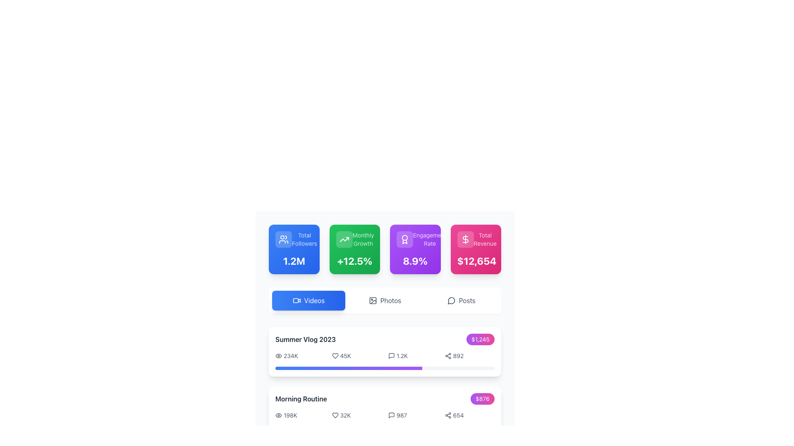  I want to click on the 'Videos' icon graphic, so click(296, 301).